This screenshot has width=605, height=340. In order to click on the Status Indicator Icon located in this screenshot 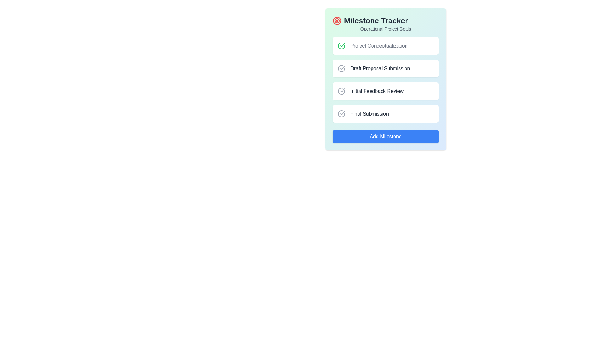, I will do `click(341, 114)`.